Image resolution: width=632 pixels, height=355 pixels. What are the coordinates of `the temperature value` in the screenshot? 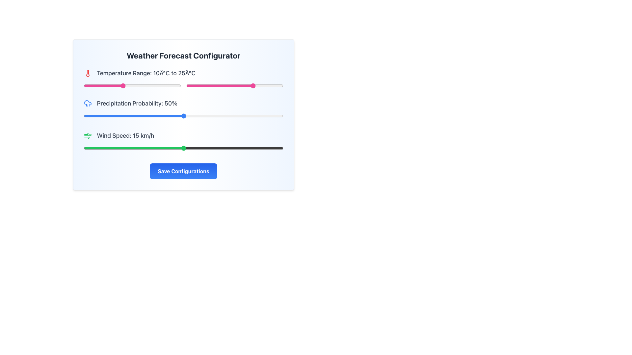 It's located at (231, 85).